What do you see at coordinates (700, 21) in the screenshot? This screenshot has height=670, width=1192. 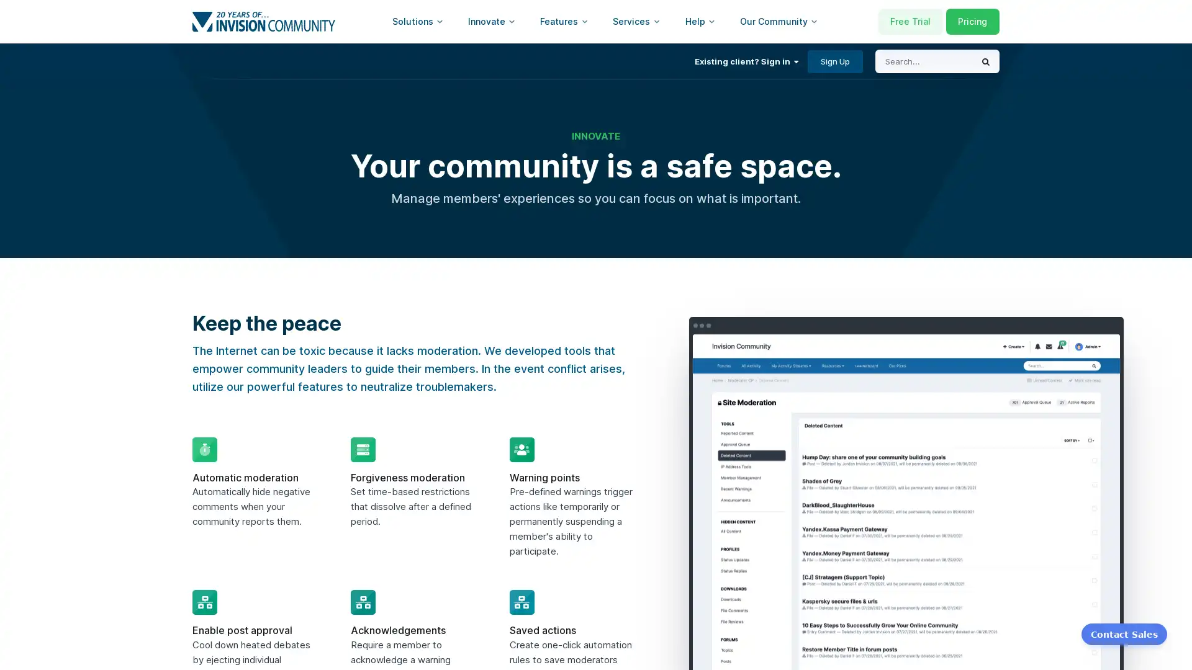 I see `Help` at bounding box center [700, 21].